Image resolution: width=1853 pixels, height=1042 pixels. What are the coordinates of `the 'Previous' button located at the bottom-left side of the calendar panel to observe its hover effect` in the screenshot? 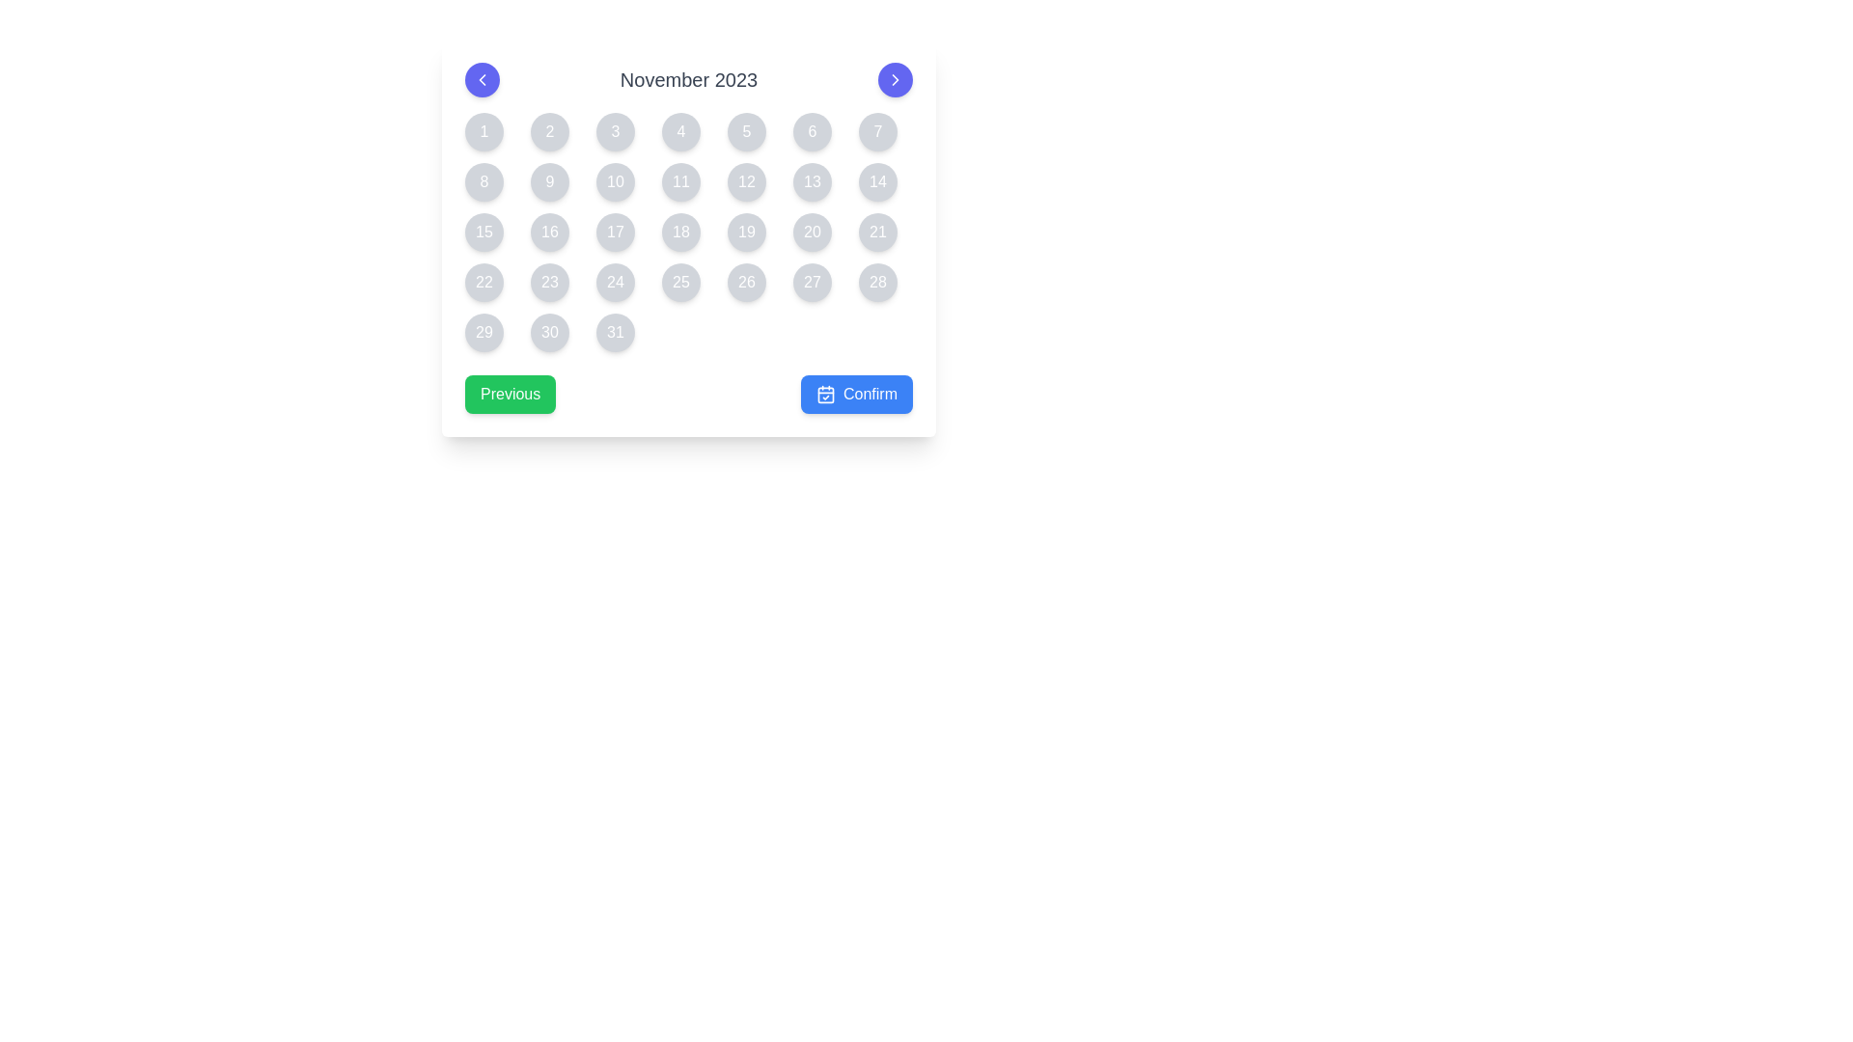 It's located at (511, 393).